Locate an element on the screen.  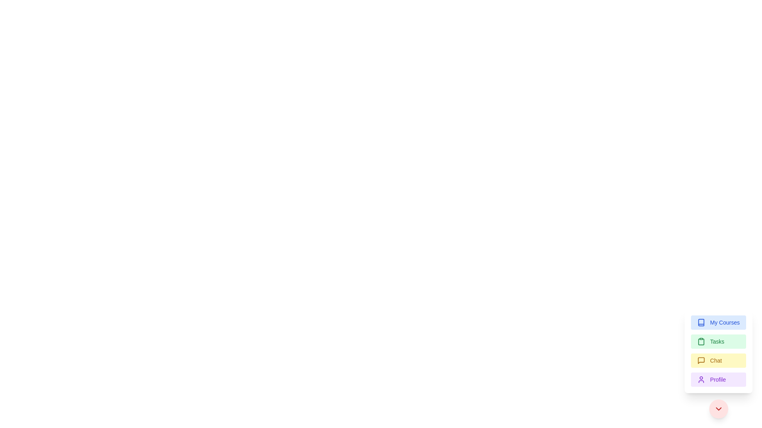
the user icon located to the left of the 'Profile' text in the Profile button at the bottom of the menu is located at coordinates (701, 379).